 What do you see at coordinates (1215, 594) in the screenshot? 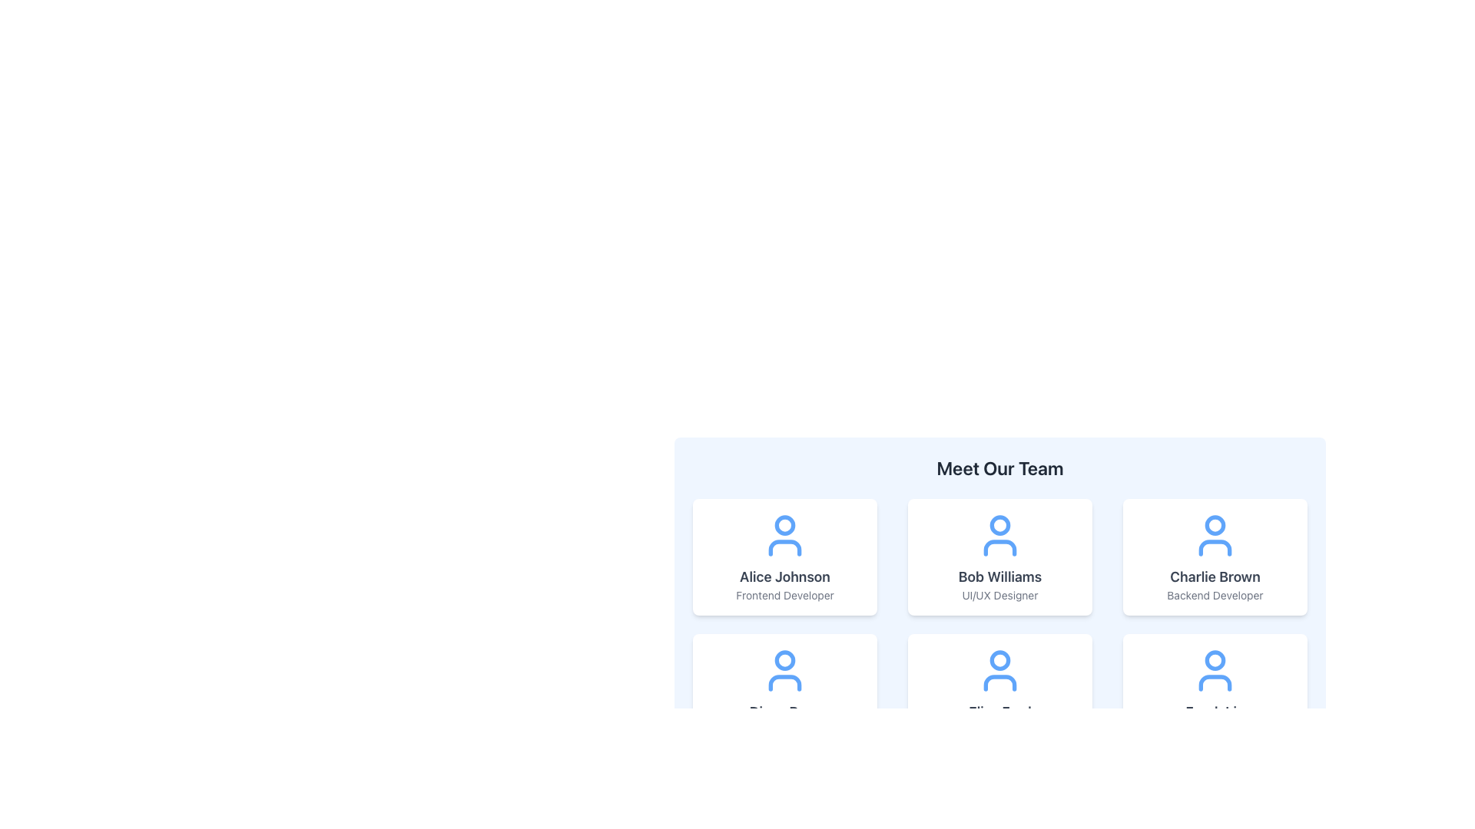
I see `text label displaying the job title 'Backend Developer' located at the bottom-center of the card for 'Charlie Brown' in the top-right corner of the grid` at bounding box center [1215, 594].